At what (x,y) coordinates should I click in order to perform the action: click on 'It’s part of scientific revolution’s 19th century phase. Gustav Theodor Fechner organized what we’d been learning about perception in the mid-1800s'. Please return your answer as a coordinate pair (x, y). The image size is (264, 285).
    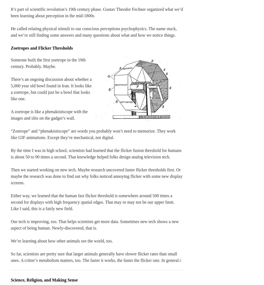
    Looking at the image, I should click on (11, 12).